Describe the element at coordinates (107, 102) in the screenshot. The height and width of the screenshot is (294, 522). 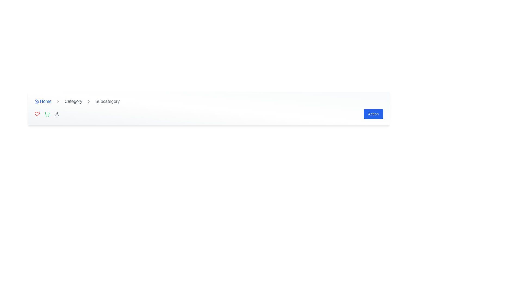
I see `the 'Subcategory' static text label in the breadcrumb navigation bar, which is displayed in gray color and rendered in a sans-serif font` at that location.